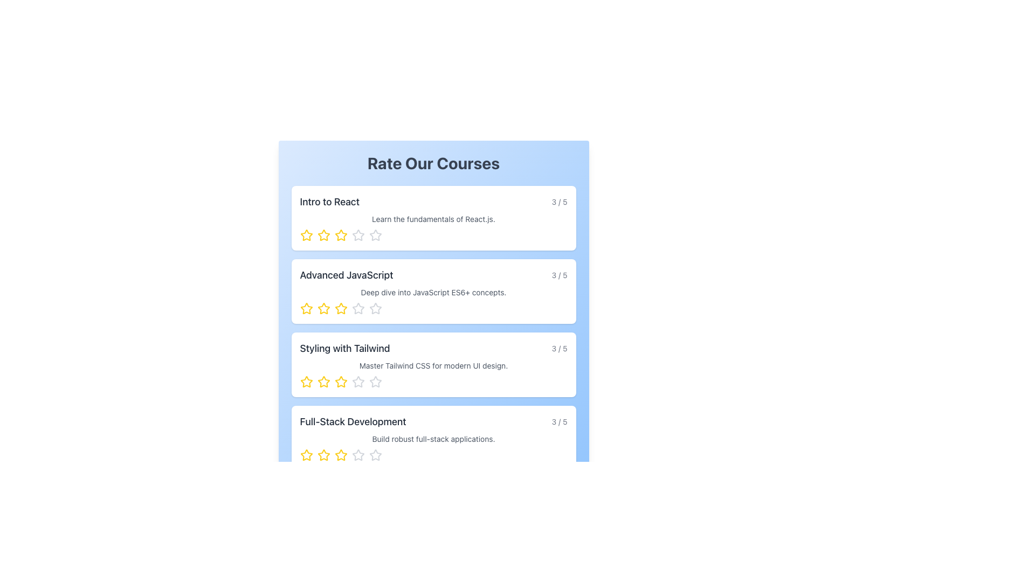  Describe the element at coordinates (433, 382) in the screenshot. I see `the Star Rating Component beneath the description 'Master Tailwind CSS for modern UI design.' for the course 'Styling with Tailwind'` at that location.